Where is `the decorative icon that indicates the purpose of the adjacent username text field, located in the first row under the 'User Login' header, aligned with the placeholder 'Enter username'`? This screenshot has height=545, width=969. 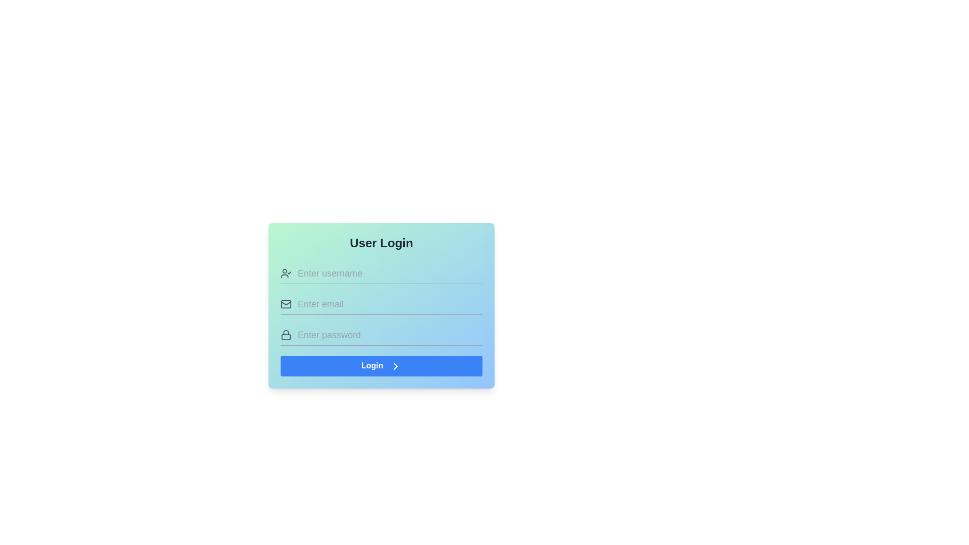 the decorative icon that indicates the purpose of the adjacent username text field, located in the first row under the 'User Login' header, aligned with the placeholder 'Enter username' is located at coordinates (285, 274).